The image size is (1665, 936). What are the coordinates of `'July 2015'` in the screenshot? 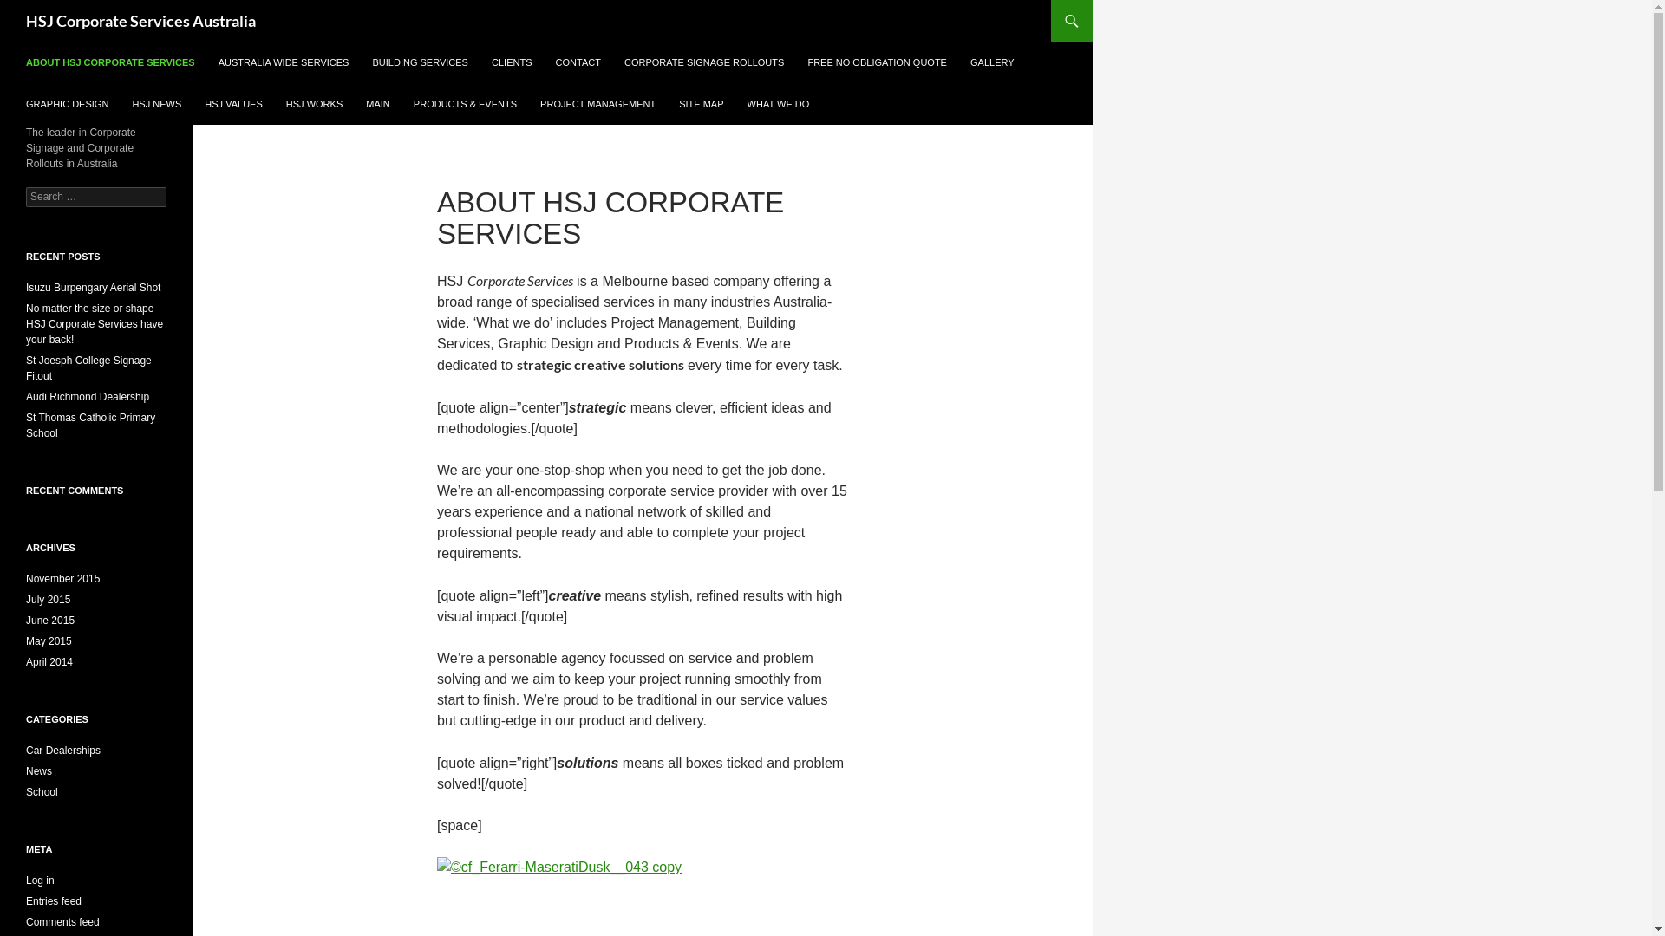 It's located at (48, 598).